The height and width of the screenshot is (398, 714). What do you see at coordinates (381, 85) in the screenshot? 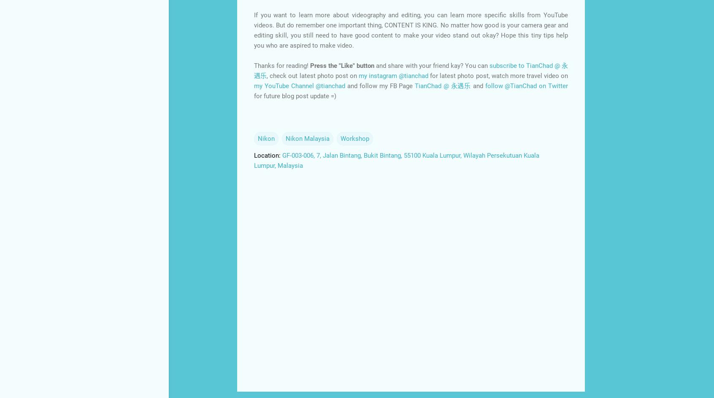
I see `'and follow my FB Page'` at bounding box center [381, 85].